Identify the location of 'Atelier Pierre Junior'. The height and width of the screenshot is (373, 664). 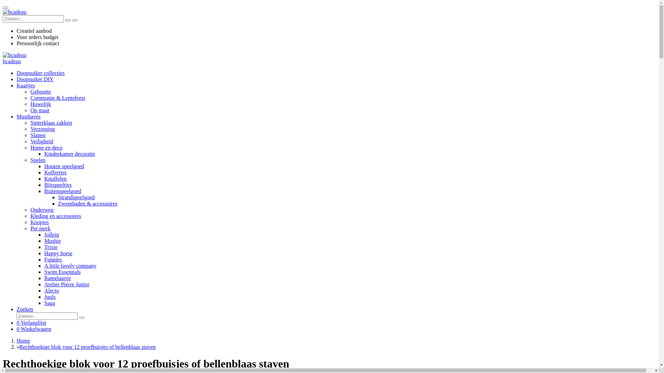
(67, 284).